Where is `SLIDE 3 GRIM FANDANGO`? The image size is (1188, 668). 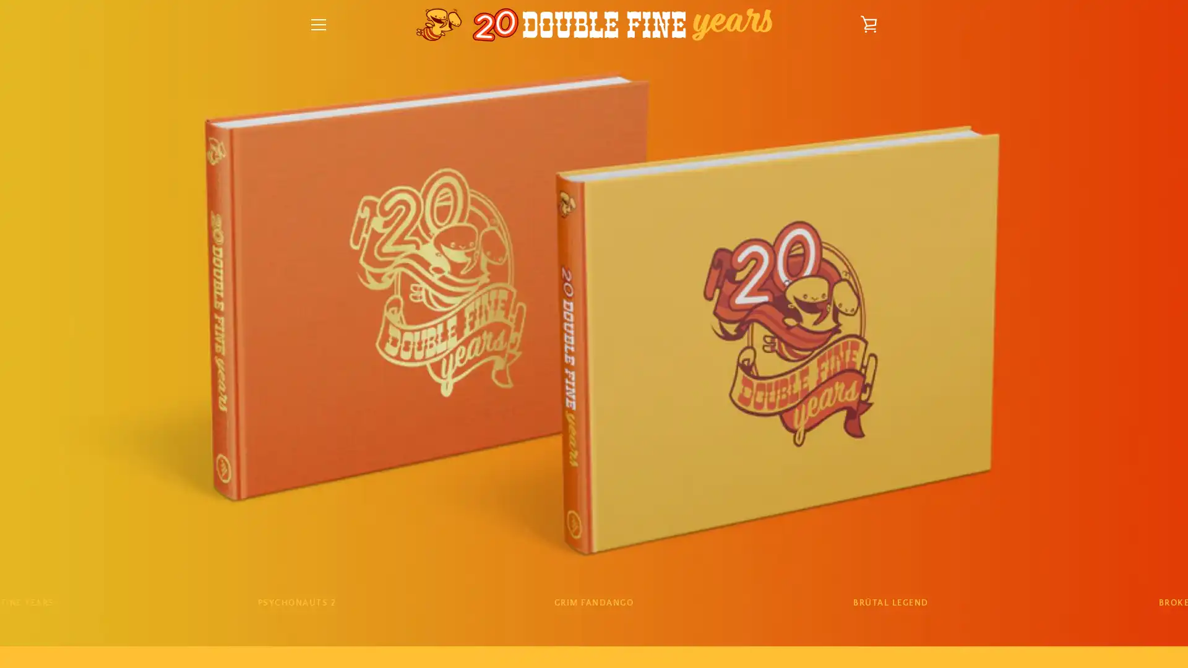 SLIDE 3 GRIM FANDANGO is located at coordinates (593, 602).